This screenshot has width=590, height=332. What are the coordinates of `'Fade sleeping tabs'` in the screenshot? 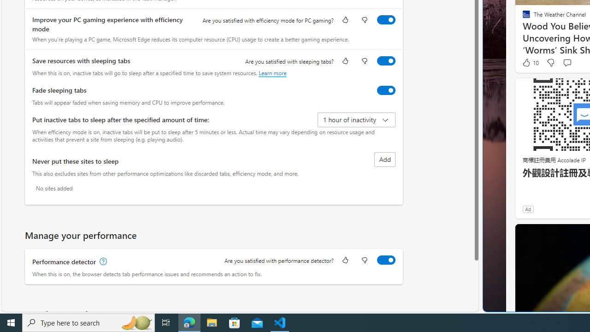 It's located at (386, 90).